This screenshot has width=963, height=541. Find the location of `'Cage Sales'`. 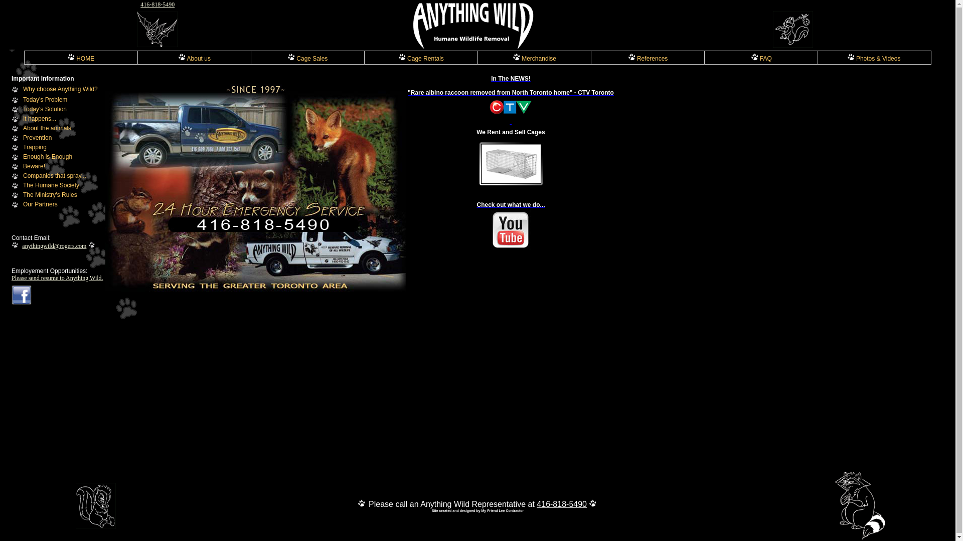

'Cage Sales' is located at coordinates (307, 58).